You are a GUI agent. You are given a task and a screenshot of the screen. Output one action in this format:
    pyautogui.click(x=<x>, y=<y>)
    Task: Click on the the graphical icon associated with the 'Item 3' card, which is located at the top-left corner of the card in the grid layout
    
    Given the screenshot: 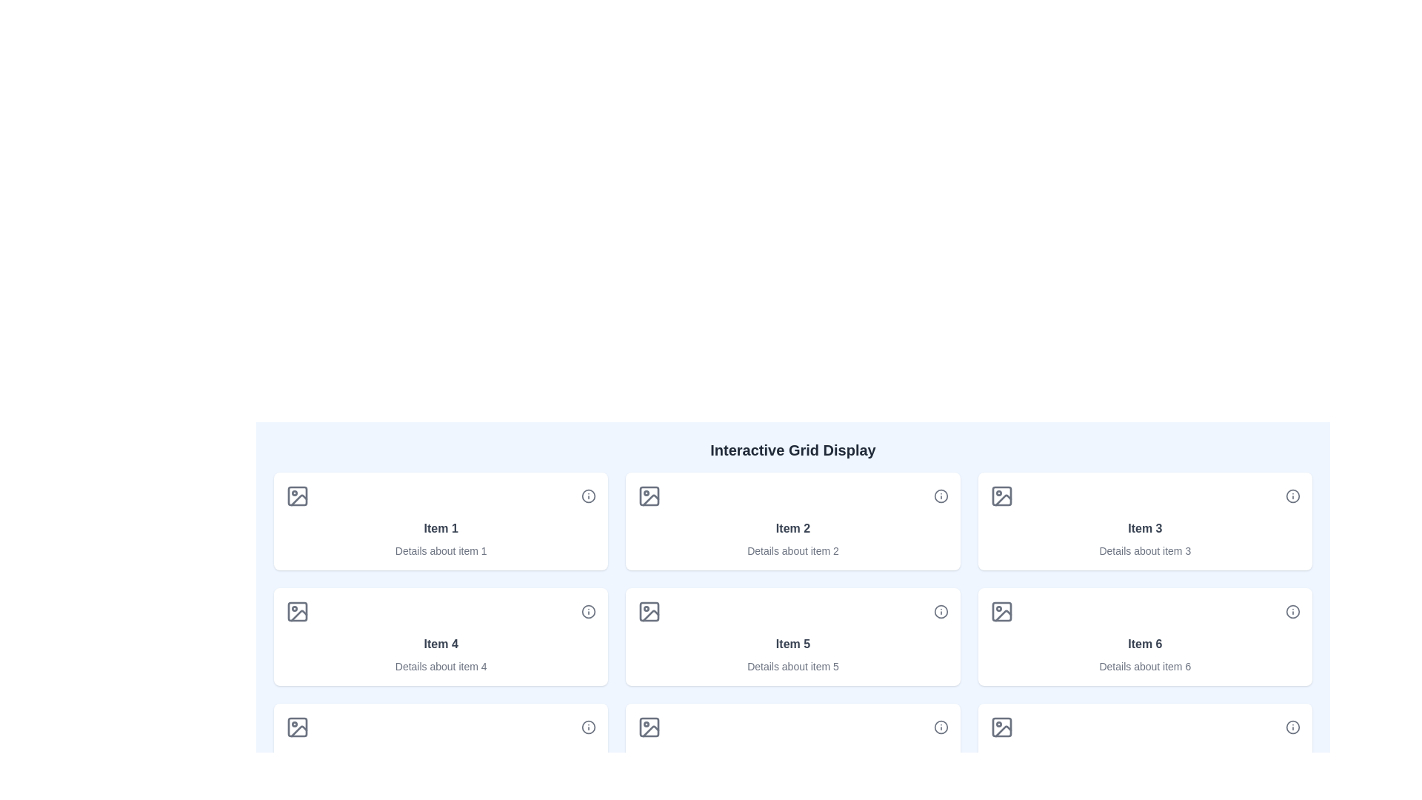 What is the action you would take?
    pyautogui.click(x=1001, y=496)
    